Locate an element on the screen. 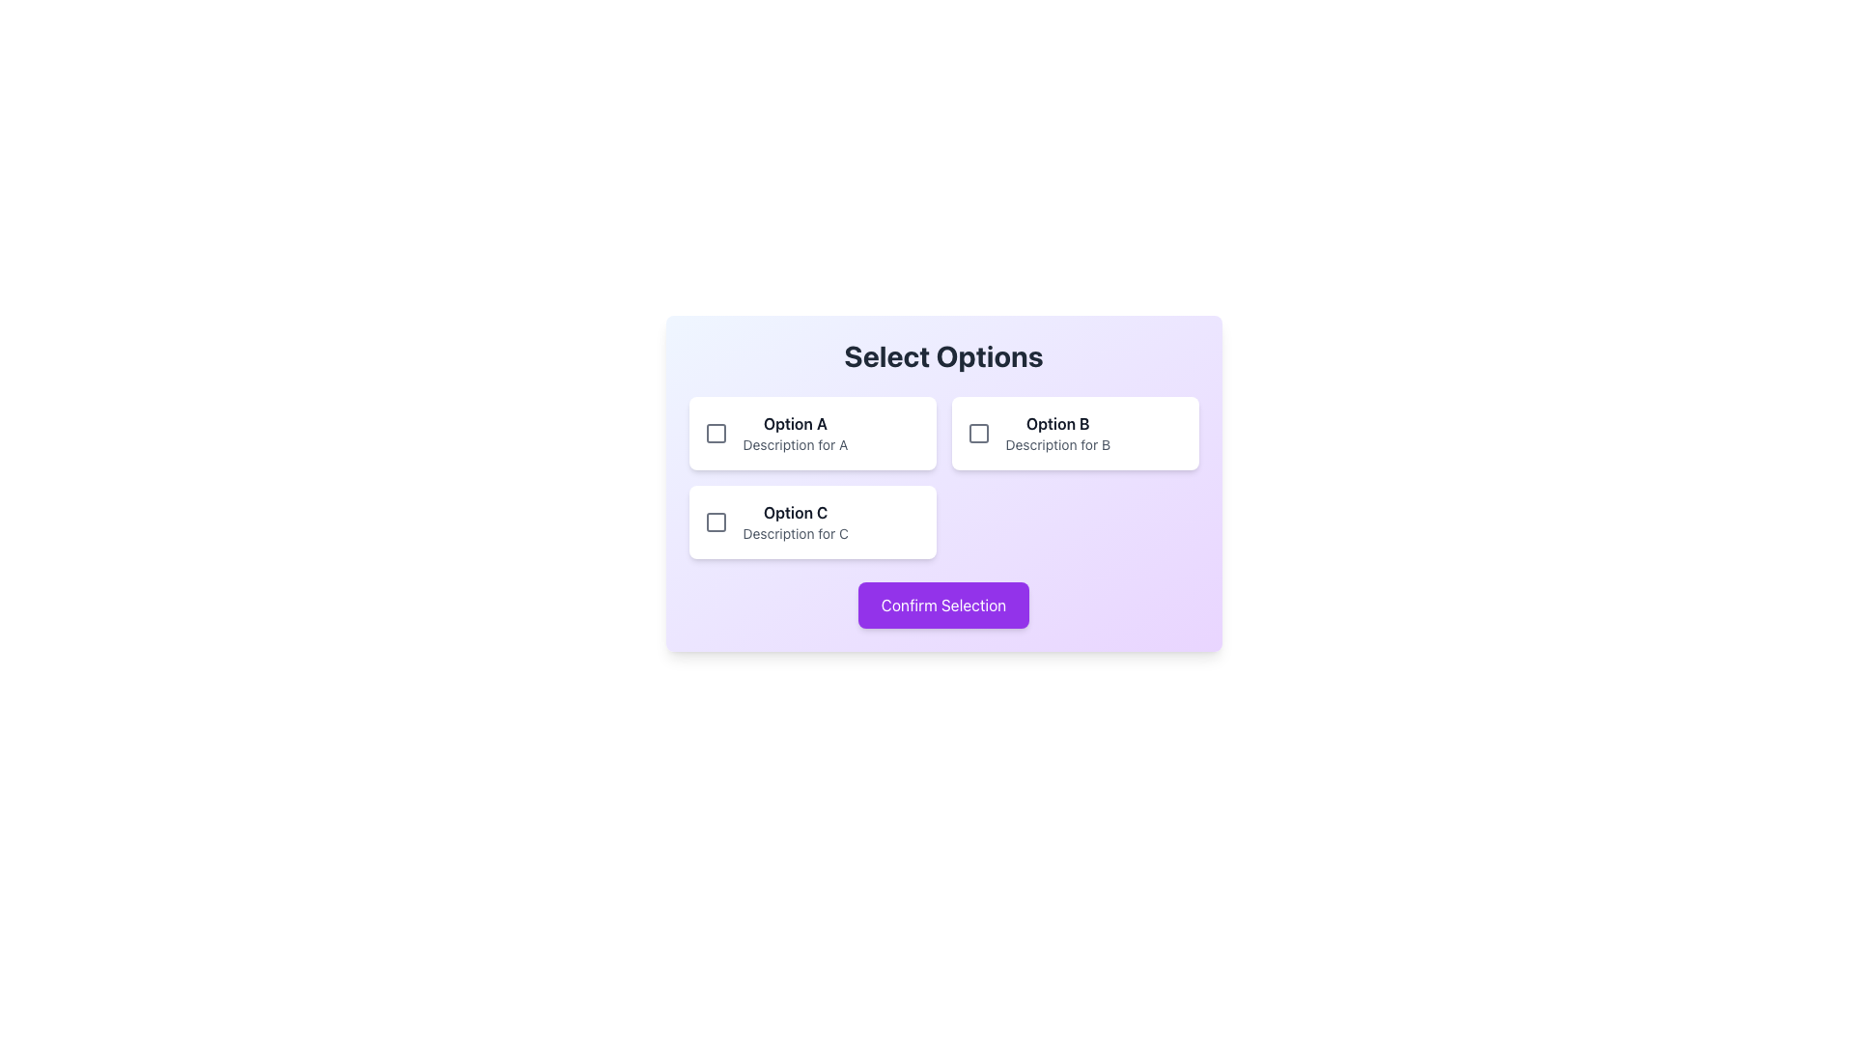  the text label providing additional descriptive information for the 'Option C' choice, located directly below the 'Option C' label in the lower-left quadrant of the option selection panel is located at coordinates (796, 533).